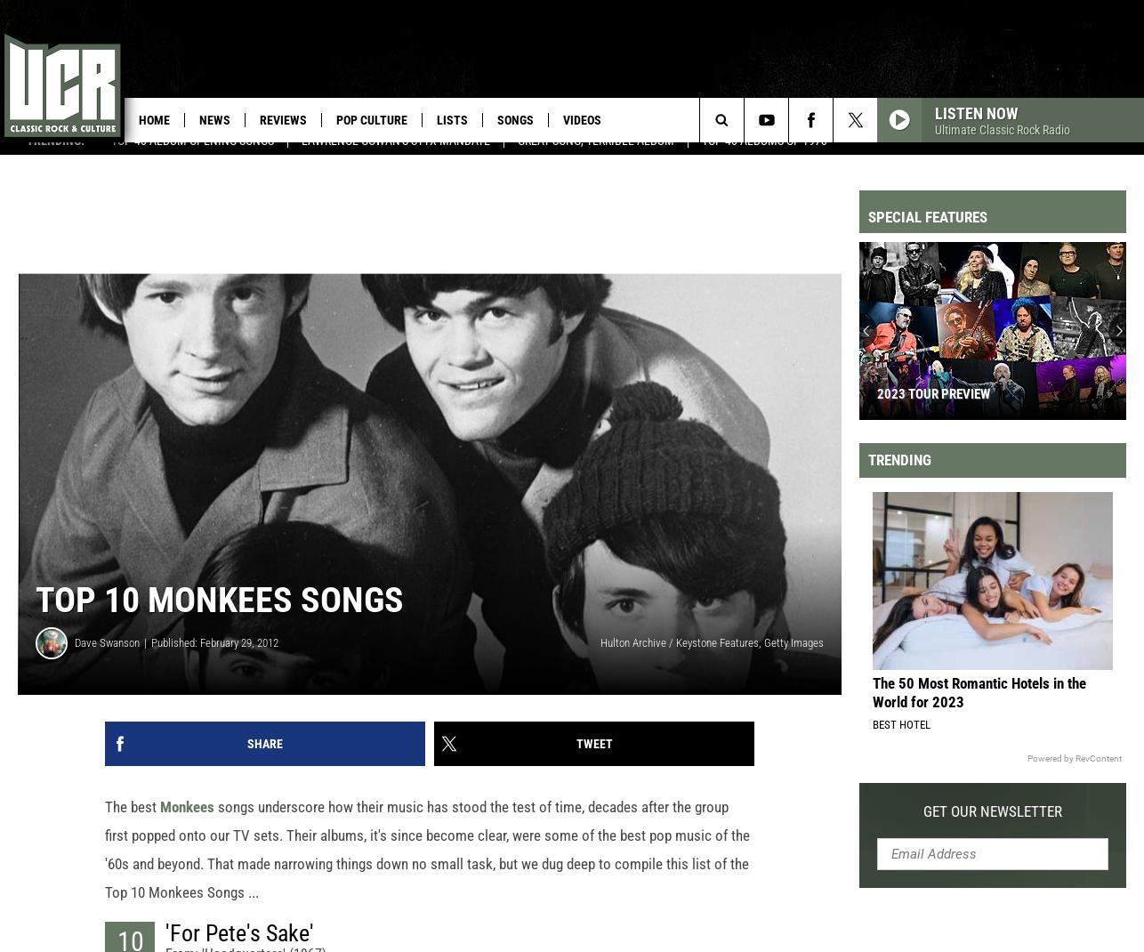 The height and width of the screenshot is (952, 1144). Describe the element at coordinates (260, 120) in the screenshot. I see `'Reviews'` at that location.